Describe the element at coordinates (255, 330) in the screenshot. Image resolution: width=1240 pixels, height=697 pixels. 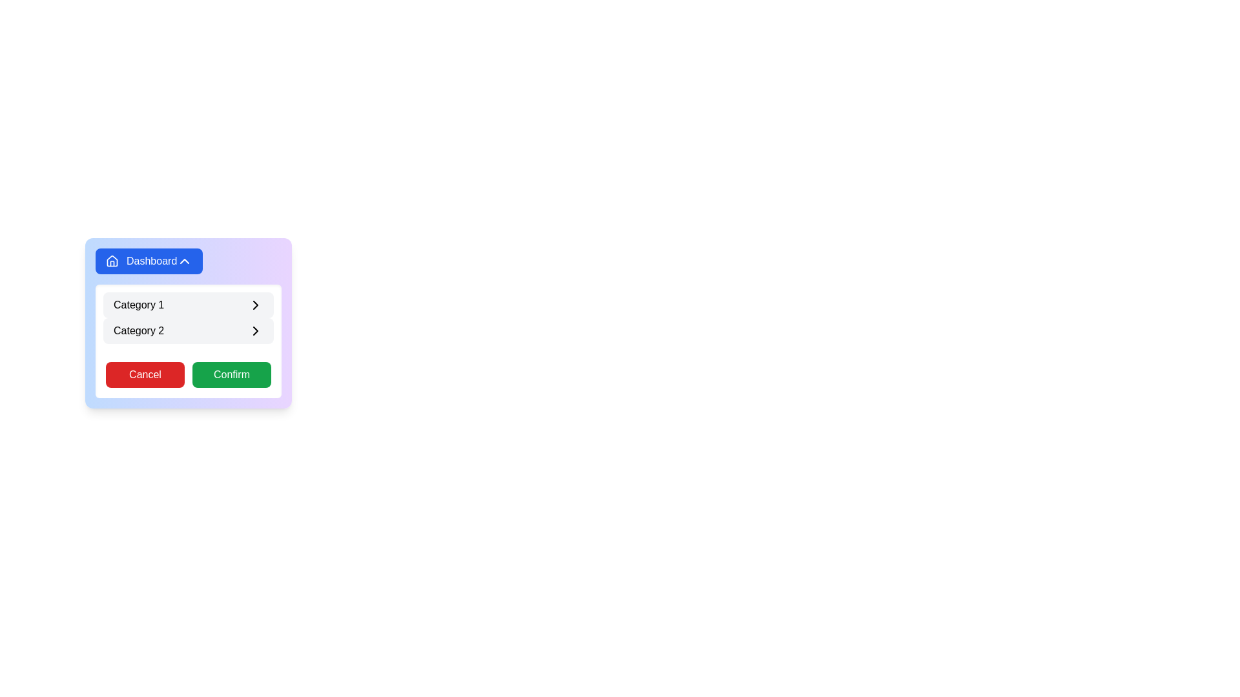
I see `the rightward-pointing chevron icon at the end of the row labeled 'Category 2'` at that location.